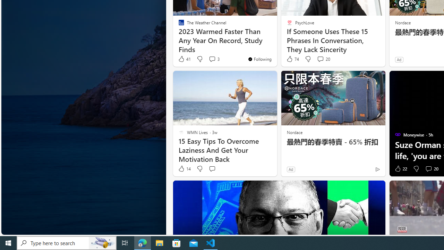  I want to click on '41 Like', so click(184, 59).